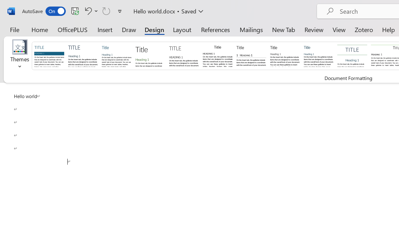 This screenshot has width=399, height=249. What do you see at coordinates (129, 29) in the screenshot?
I see `'Draw'` at bounding box center [129, 29].